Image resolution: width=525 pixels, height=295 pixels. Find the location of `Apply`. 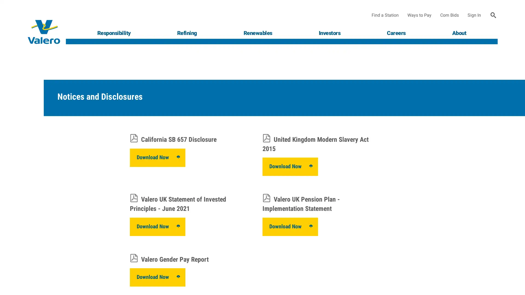

Apply is located at coordinates (493, 15).